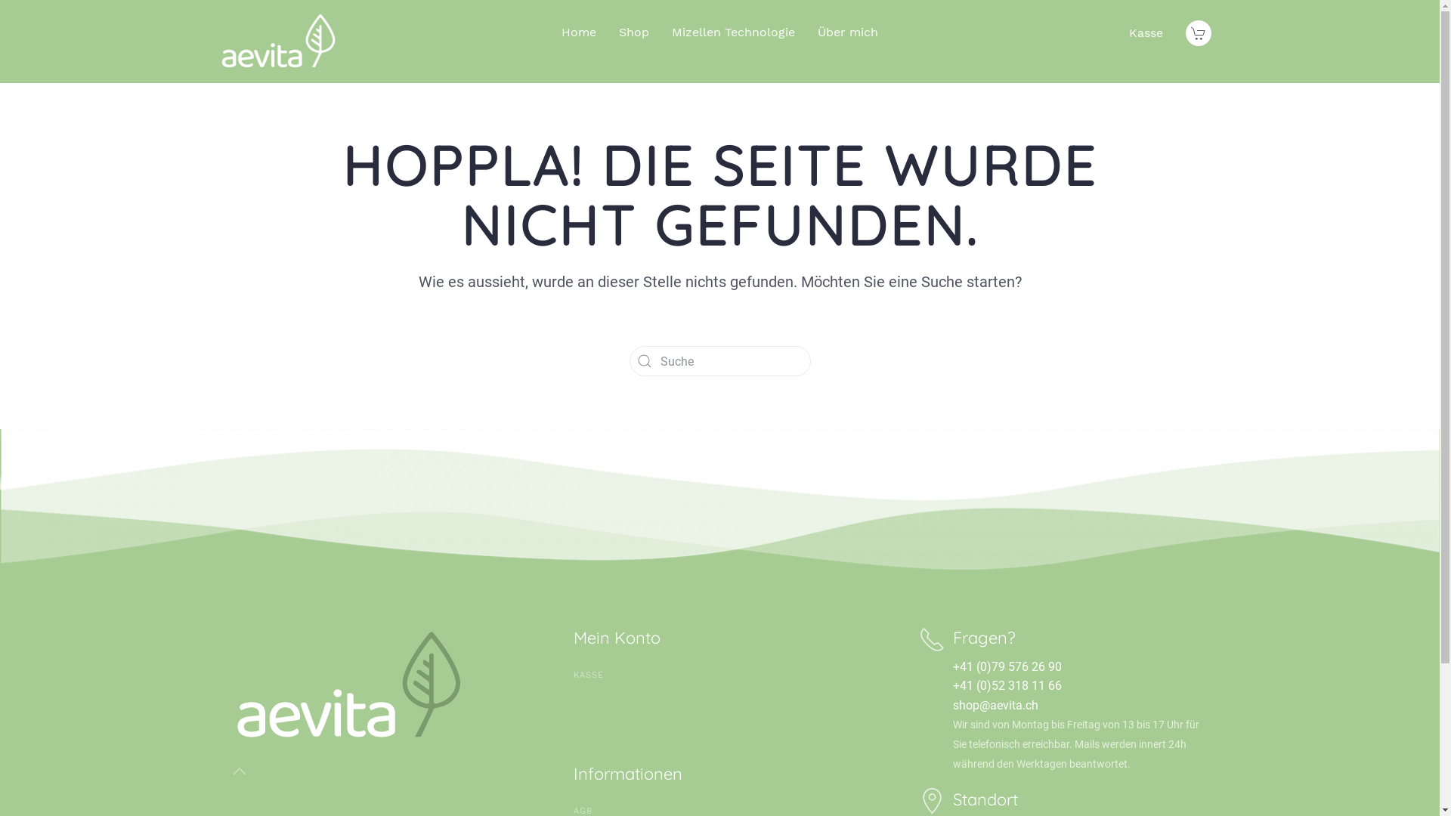 The image size is (1451, 816). What do you see at coordinates (634, 32) in the screenshot?
I see `'Shop'` at bounding box center [634, 32].